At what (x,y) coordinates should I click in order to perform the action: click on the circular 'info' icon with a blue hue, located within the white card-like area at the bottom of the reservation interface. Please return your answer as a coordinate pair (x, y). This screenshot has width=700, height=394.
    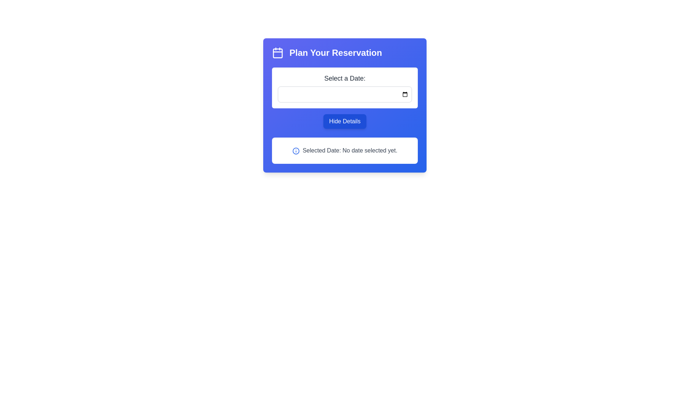
    Looking at the image, I should click on (296, 150).